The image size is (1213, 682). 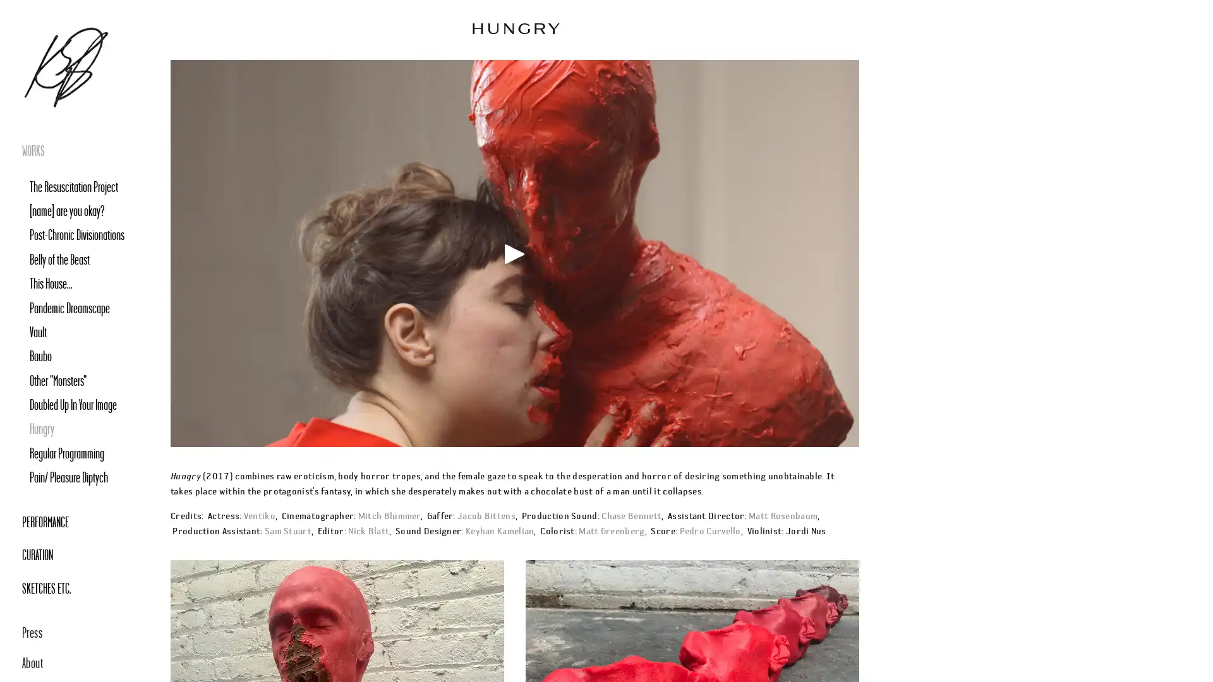 I want to click on Play, so click(x=515, y=253).